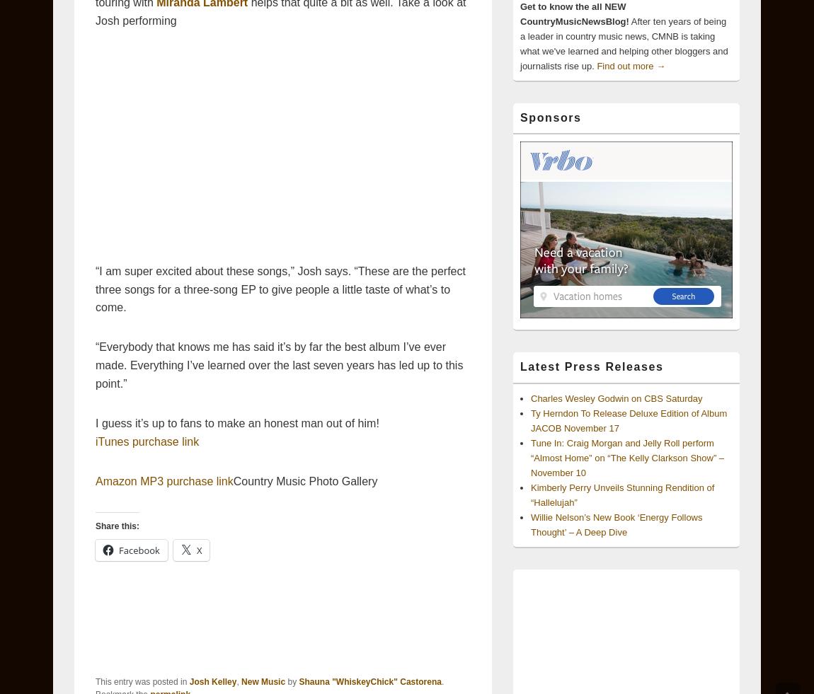 Image resolution: width=814 pixels, height=694 pixels. Describe the element at coordinates (292, 682) in the screenshot. I see `'by'` at that location.